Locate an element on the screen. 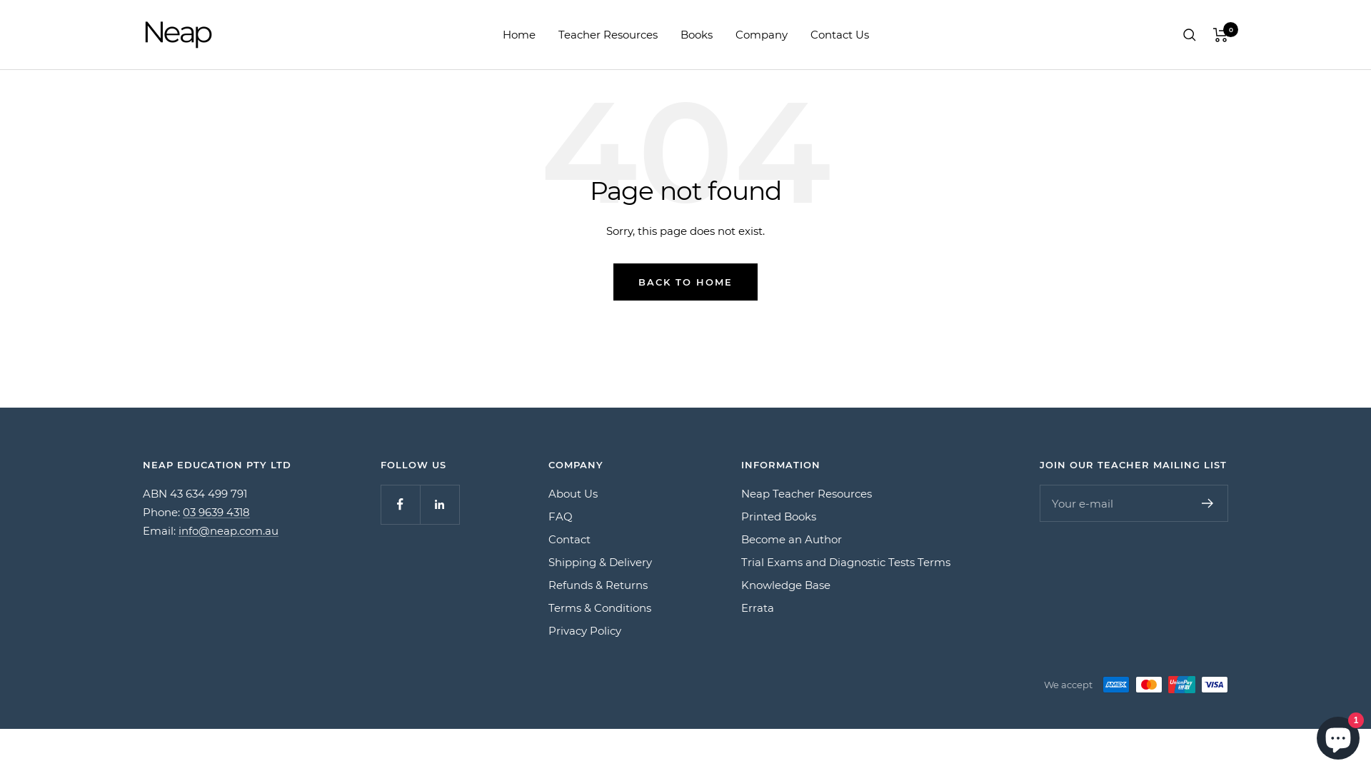 This screenshot has width=1371, height=771. 'Refunds & Returns' is located at coordinates (548, 585).